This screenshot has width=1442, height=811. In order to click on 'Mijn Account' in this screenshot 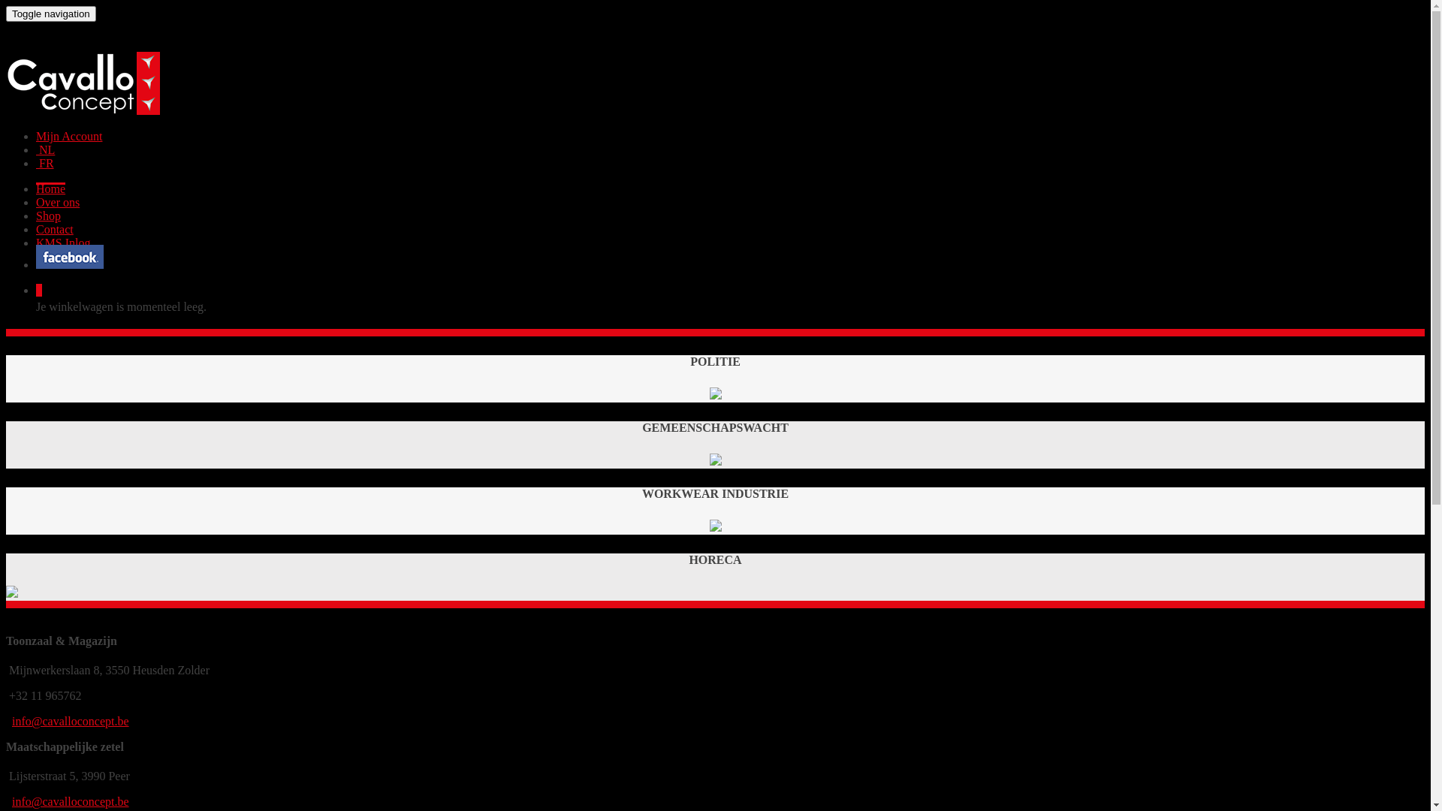, I will do `click(68, 136)`.